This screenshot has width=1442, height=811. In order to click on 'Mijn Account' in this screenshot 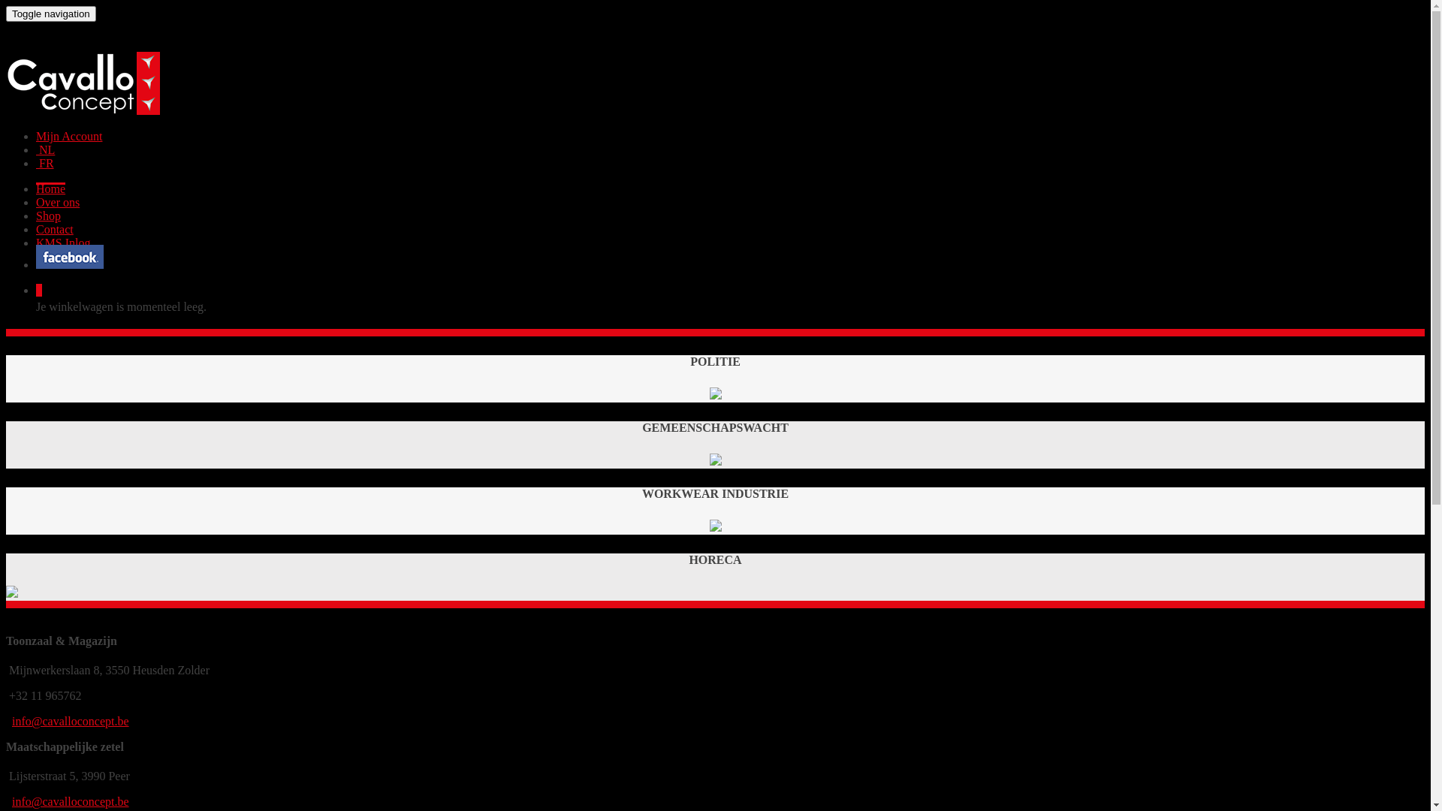, I will do `click(68, 136)`.